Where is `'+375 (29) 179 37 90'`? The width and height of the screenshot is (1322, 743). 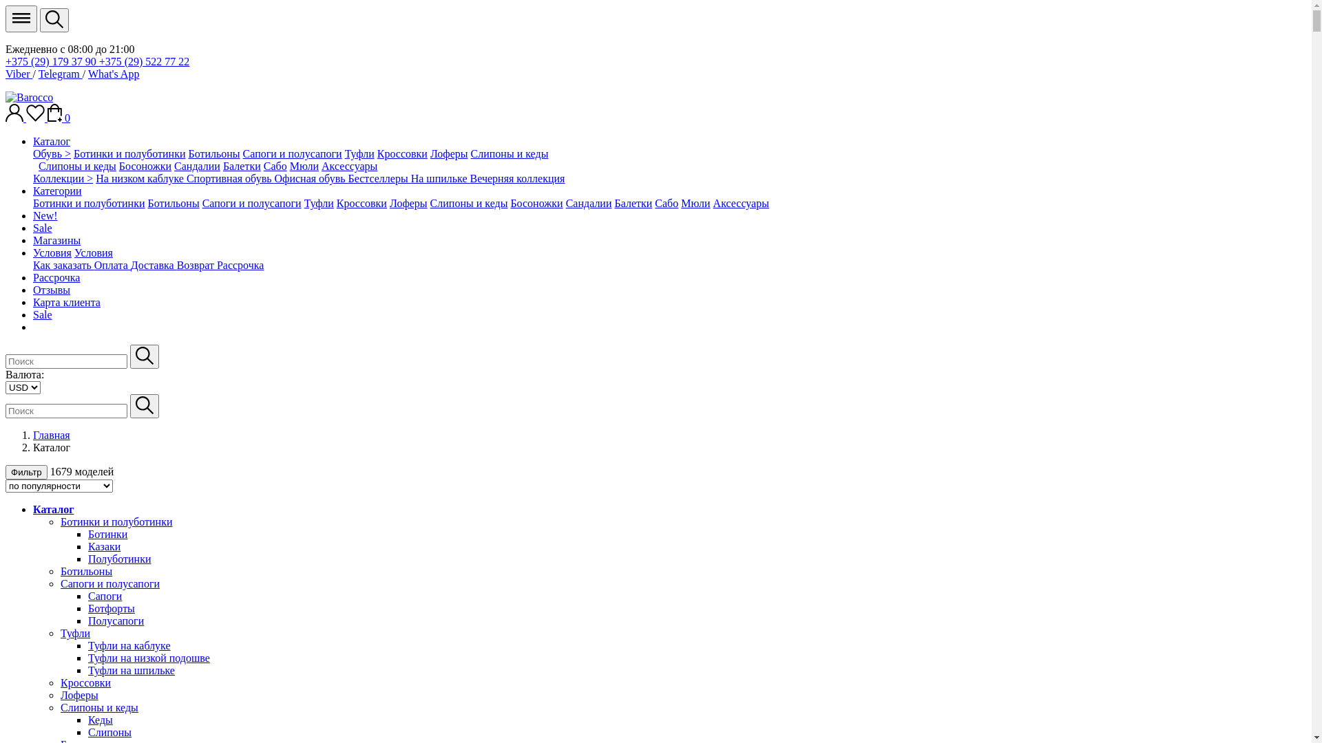
'+375 (29) 179 37 90' is located at coordinates (52, 61).